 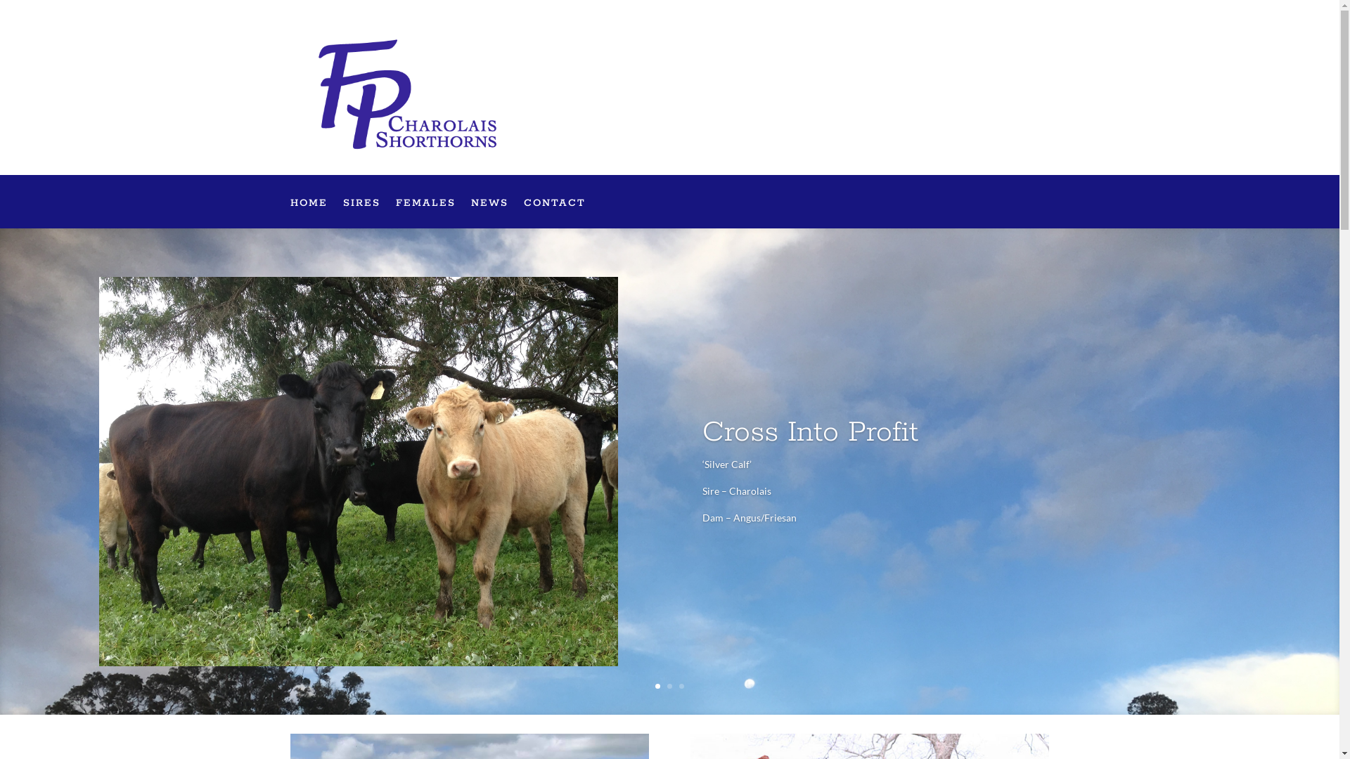 What do you see at coordinates (553, 213) in the screenshot?
I see `'CONTACT'` at bounding box center [553, 213].